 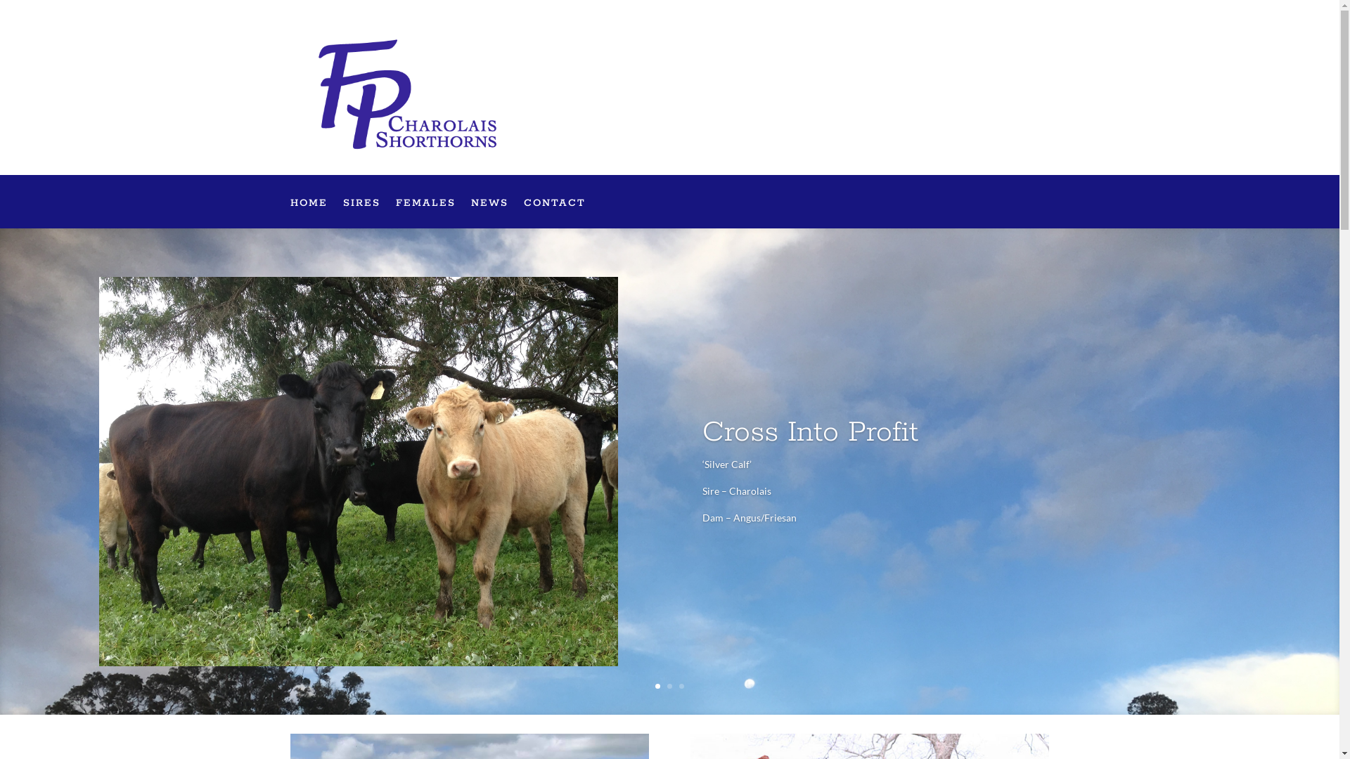 What do you see at coordinates (553, 213) in the screenshot?
I see `'CONTACT'` at bounding box center [553, 213].